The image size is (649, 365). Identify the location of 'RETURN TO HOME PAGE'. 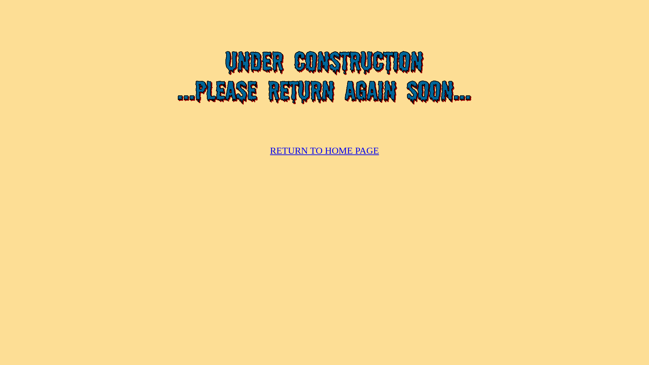
(324, 150).